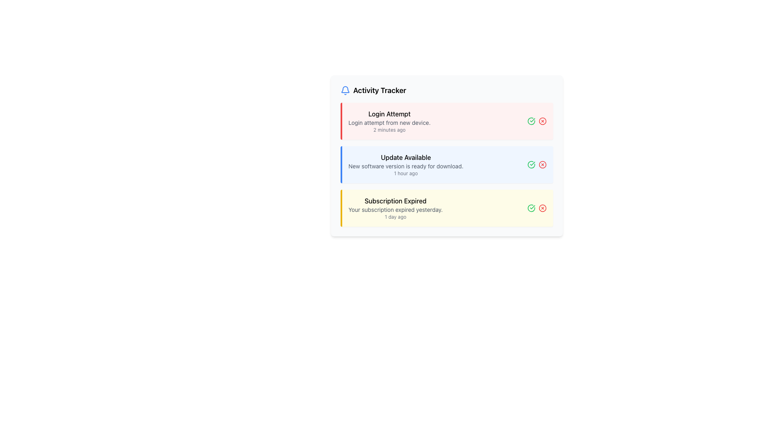 This screenshot has width=773, height=435. Describe the element at coordinates (406, 157) in the screenshot. I see `the title text label indicating a new software update within the 'Activity Tracker' card` at that location.